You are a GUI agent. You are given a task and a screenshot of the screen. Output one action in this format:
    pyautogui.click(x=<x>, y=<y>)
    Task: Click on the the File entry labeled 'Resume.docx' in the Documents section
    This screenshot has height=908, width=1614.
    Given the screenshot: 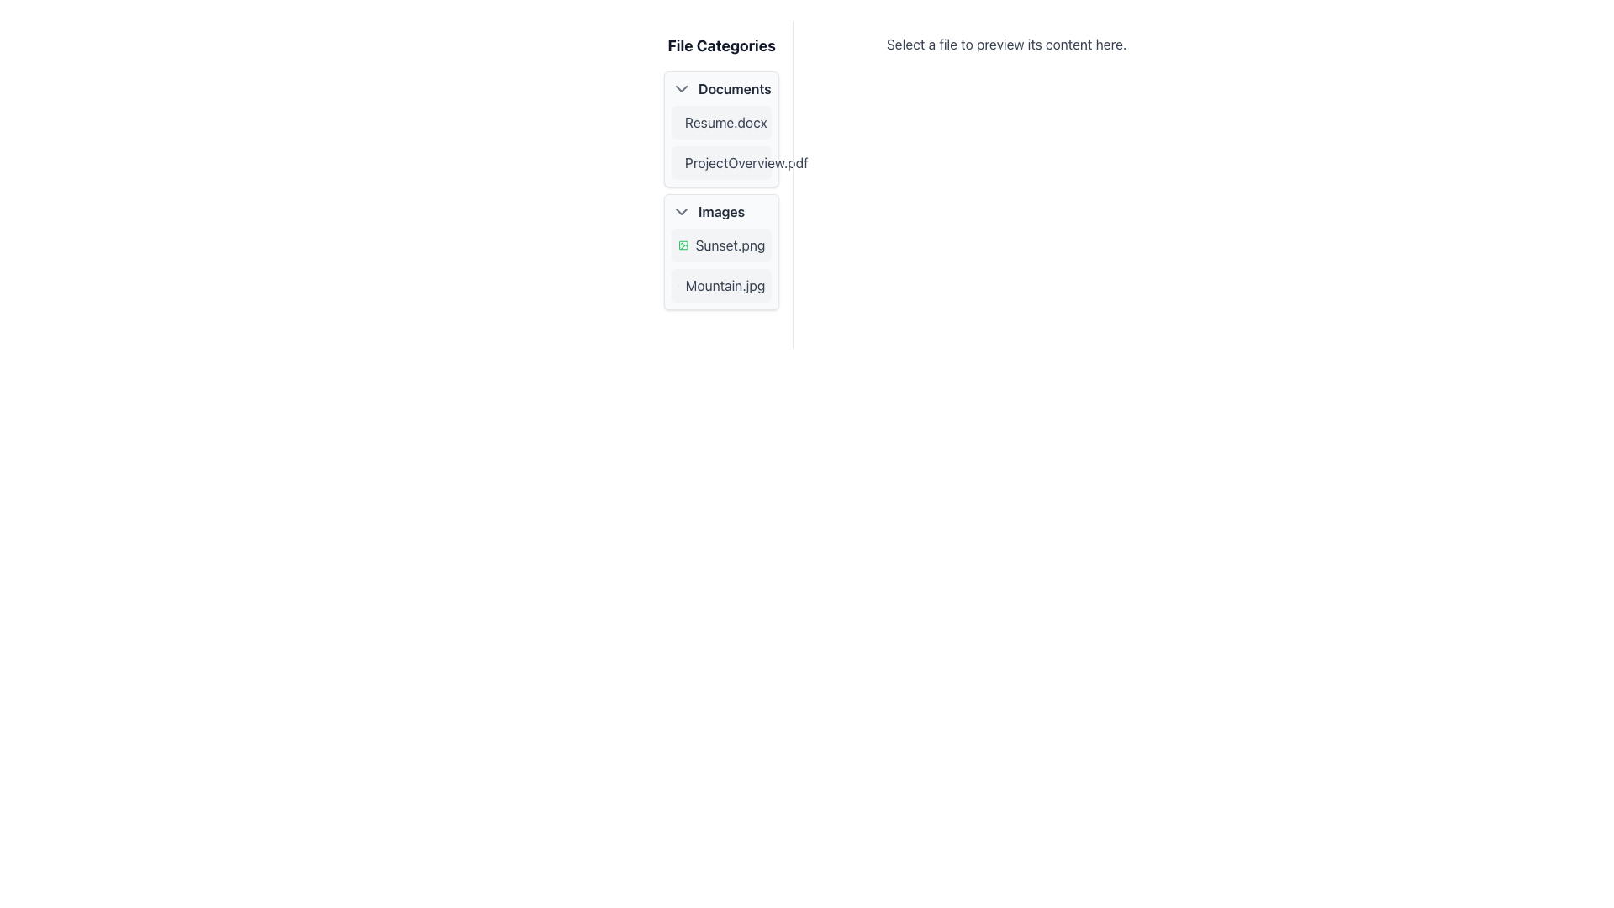 What is the action you would take?
    pyautogui.click(x=721, y=129)
    